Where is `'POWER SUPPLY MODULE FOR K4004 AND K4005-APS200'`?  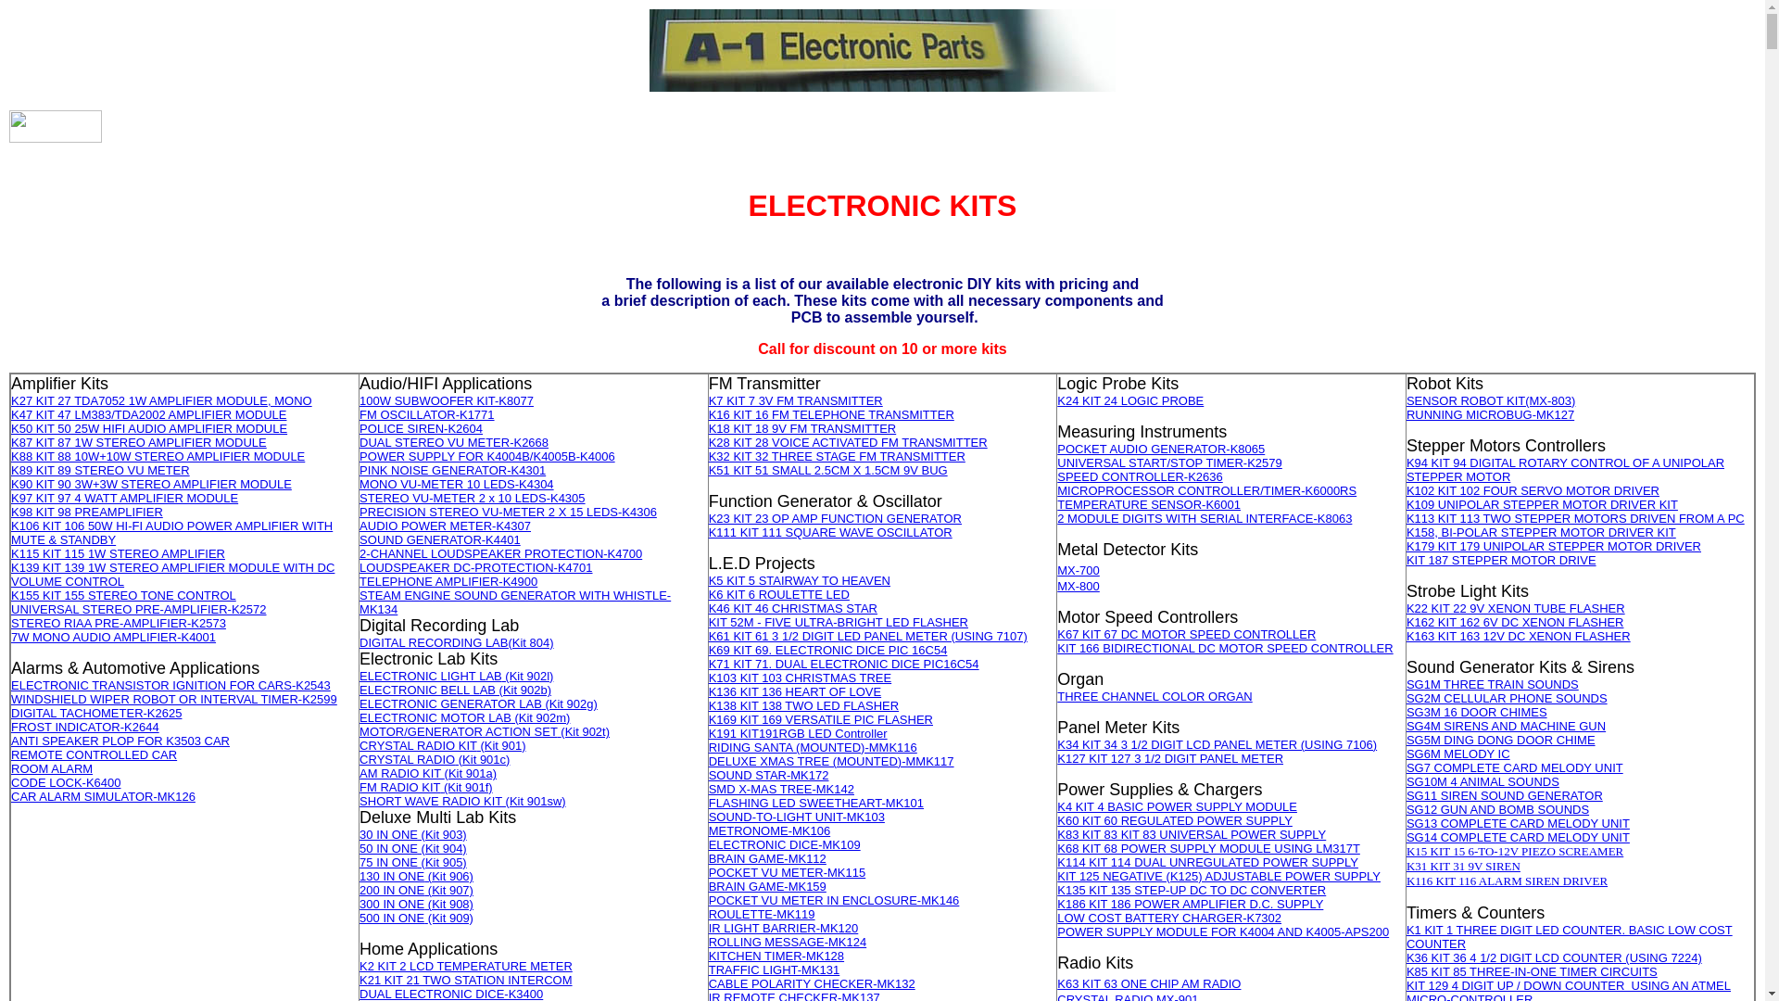 'POWER SUPPLY MODULE FOR K4004 AND K4005-APS200' is located at coordinates (1223, 931).